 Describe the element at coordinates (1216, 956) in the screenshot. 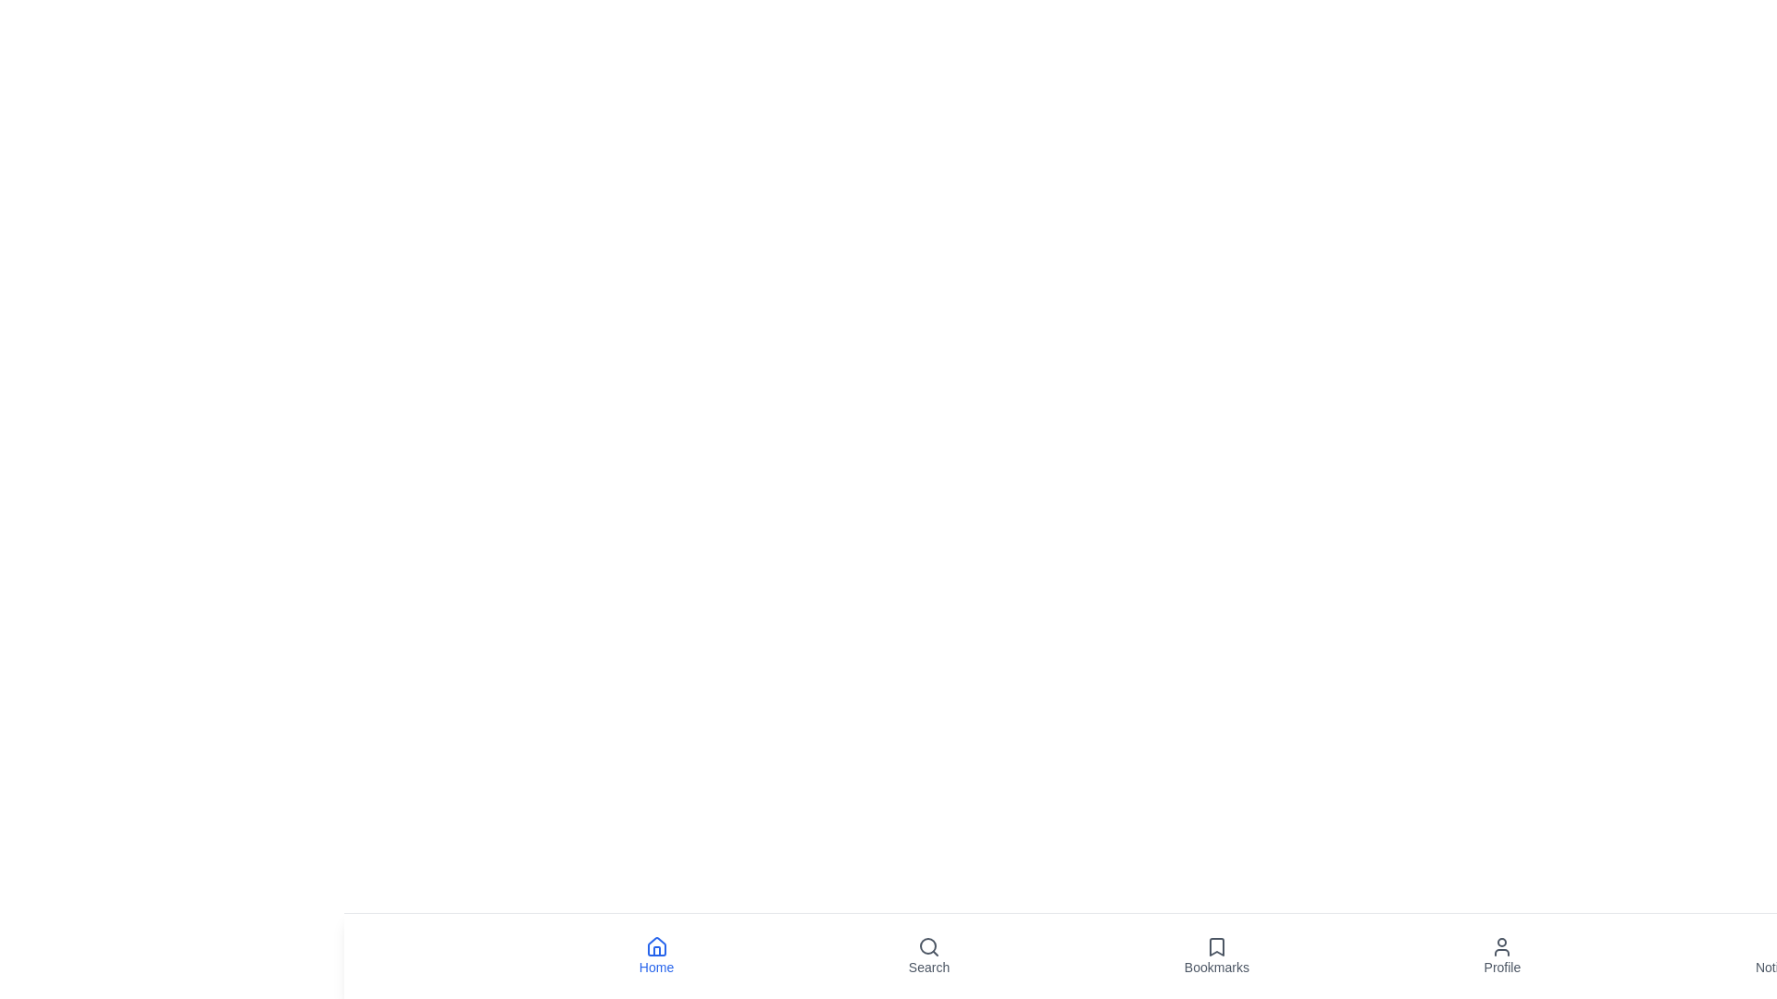

I see `the navigation tab labeled Bookmarks` at that location.